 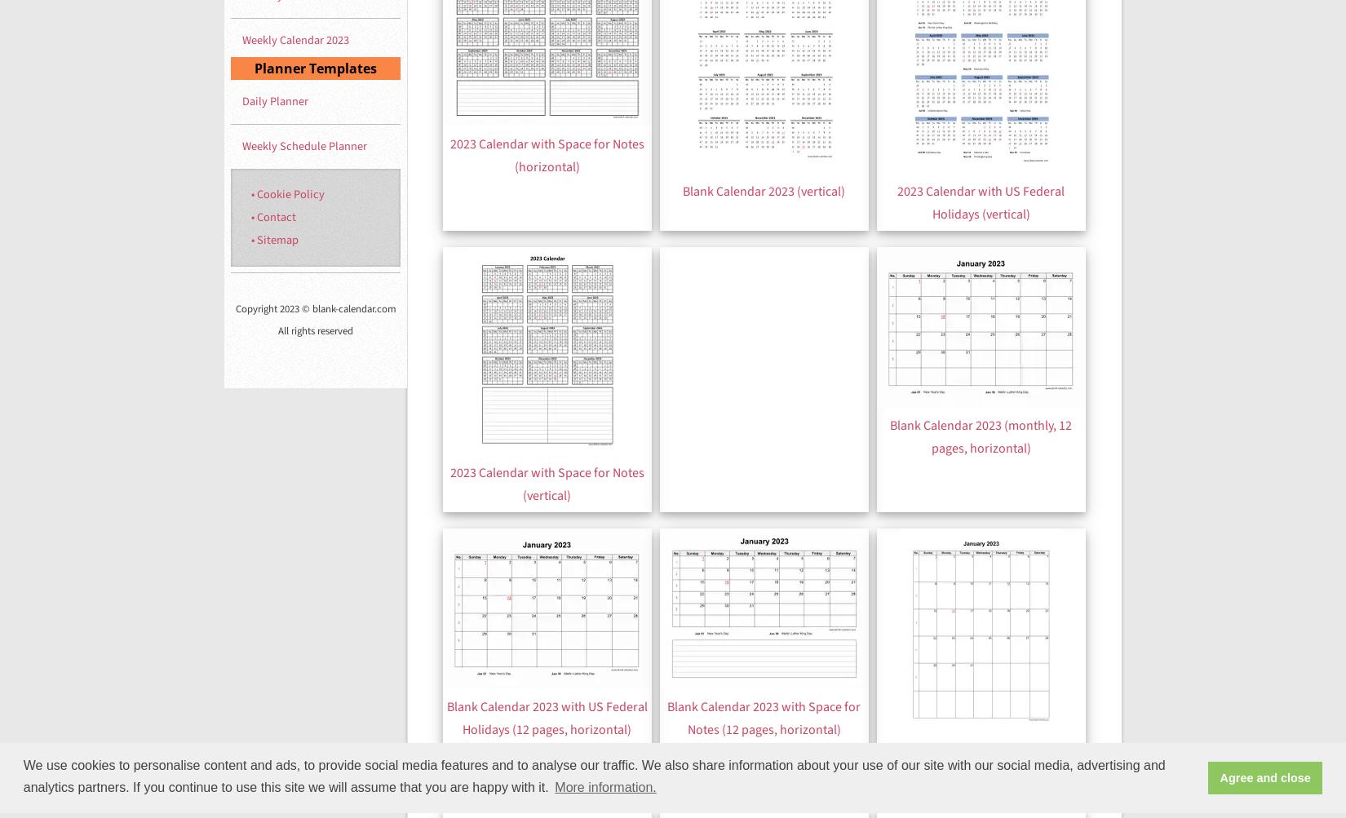 I want to click on 'Weekly Calendar 2023', so click(x=295, y=40).